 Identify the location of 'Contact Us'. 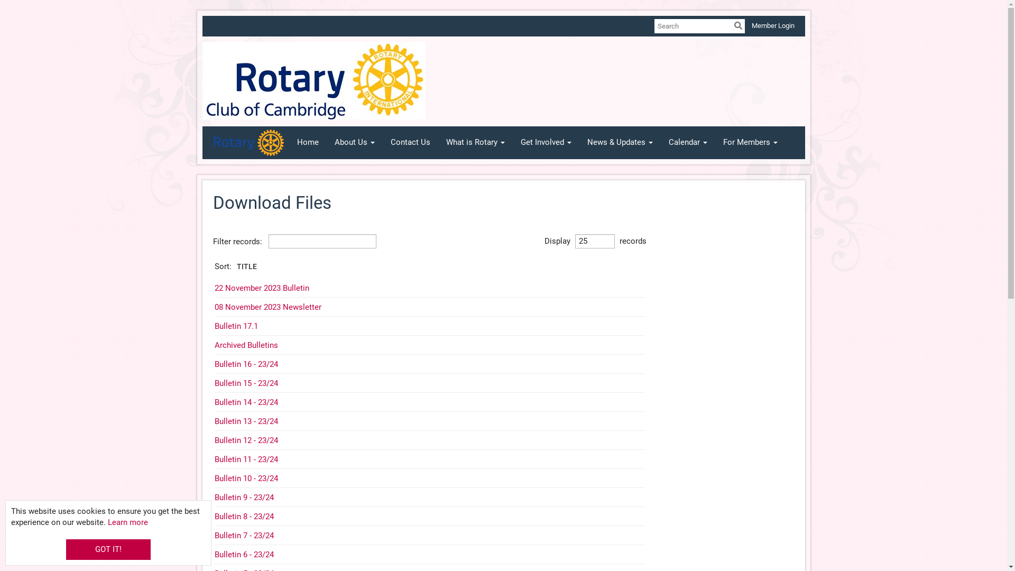
(410, 143).